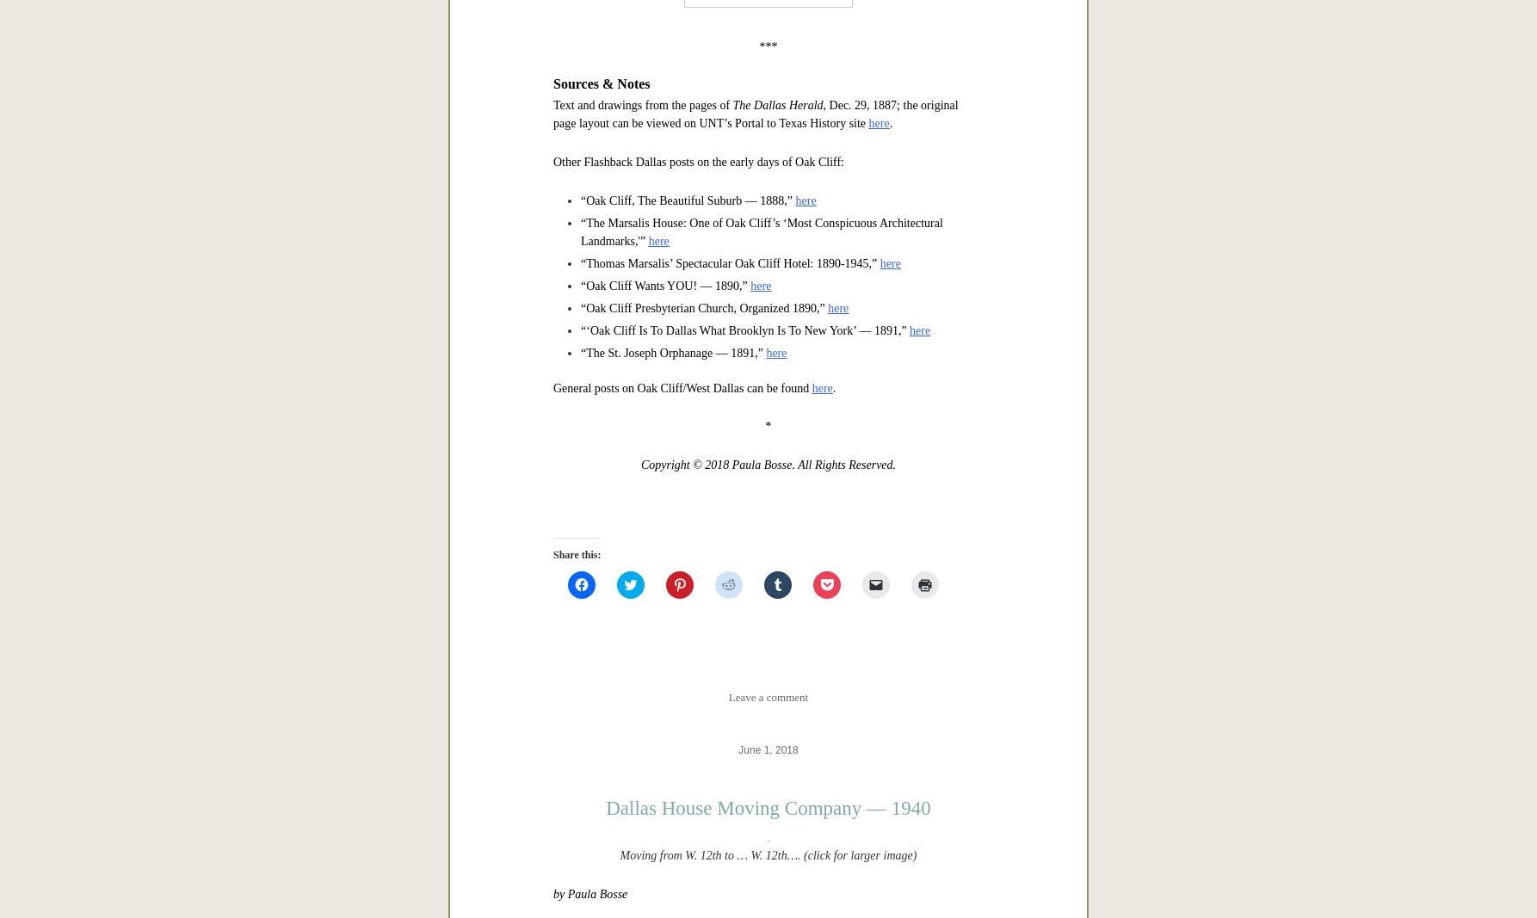 The height and width of the screenshot is (918, 1537). What do you see at coordinates (777, 644) in the screenshot?
I see `'The Dallas Herald'` at bounding box center [777, 644].